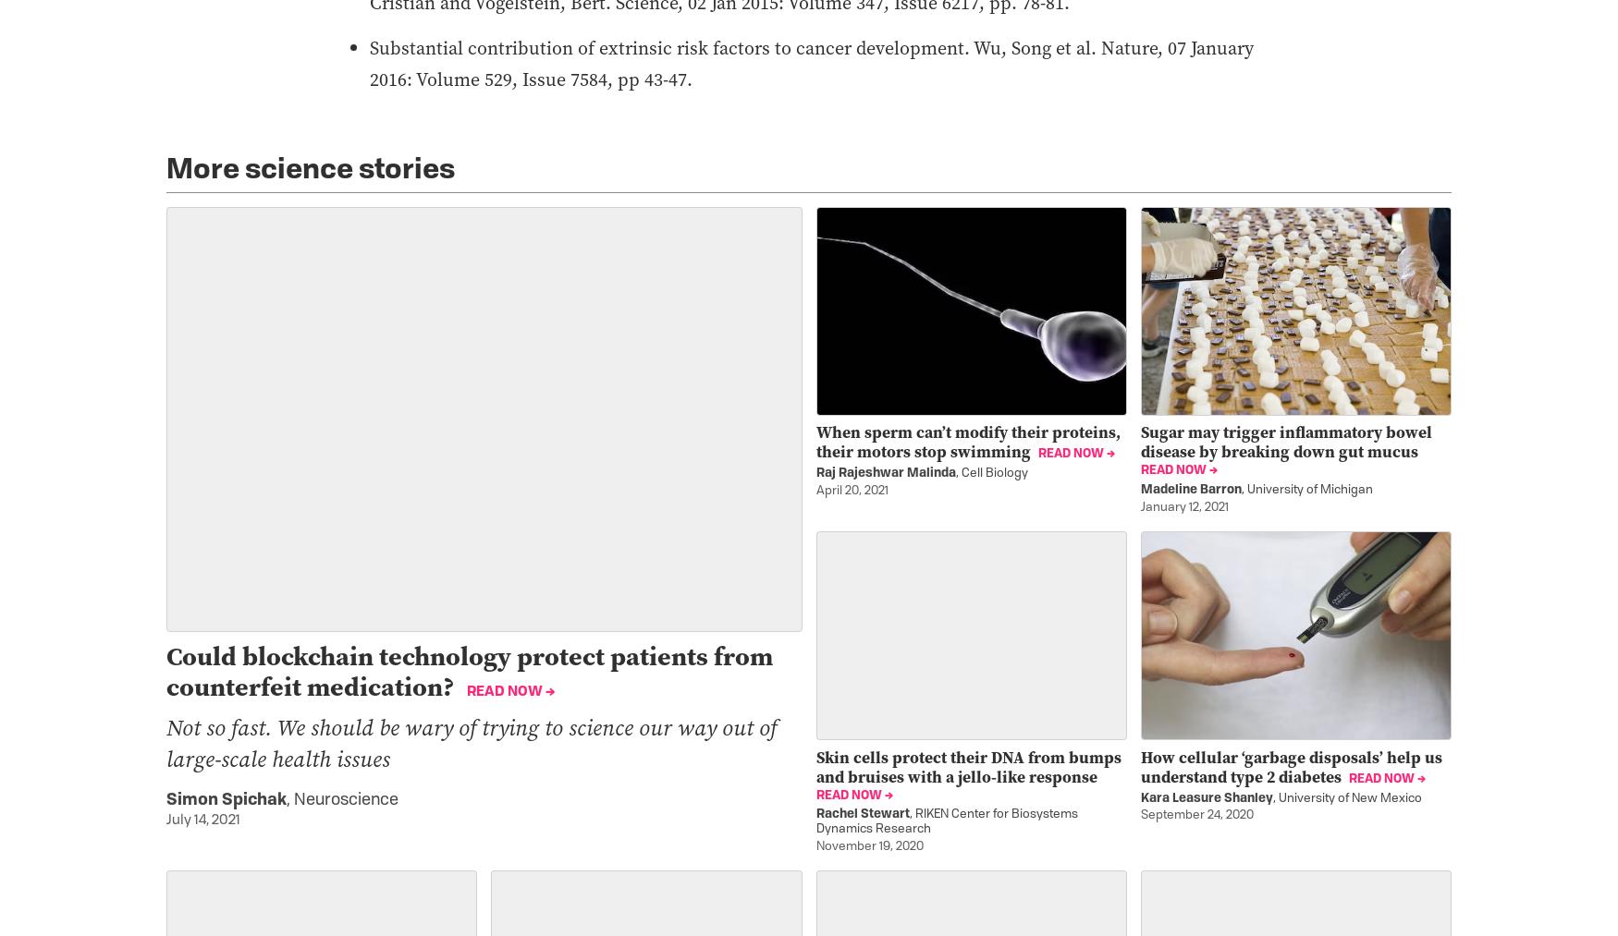 The width and height of the screenshot is (1618, 936). Describe the element at coordinates (342, 799) in the screenshot. I see `', Neuroscience'` at that location.